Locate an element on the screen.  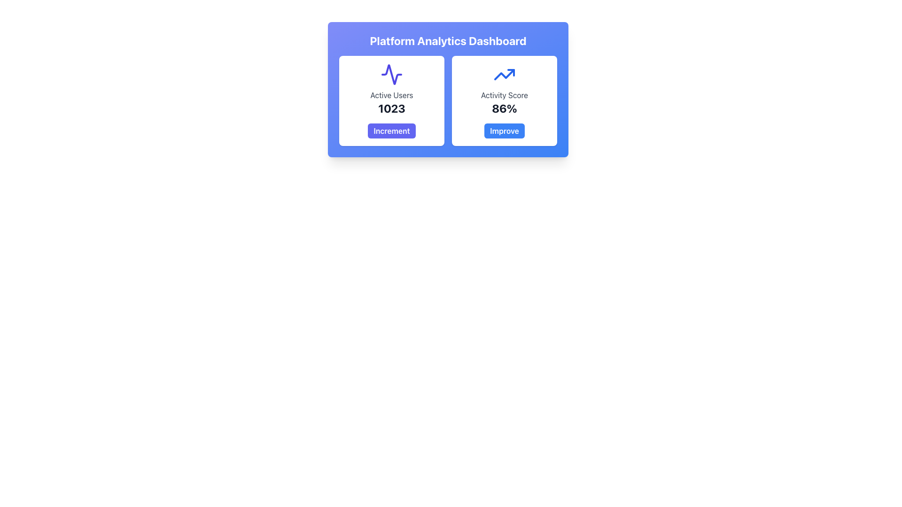
the numeric display indicating the count of active users, located below the 'Active Users' label and above the 'Increment' button in the dashboard layout is located at coordinates (392, 108).